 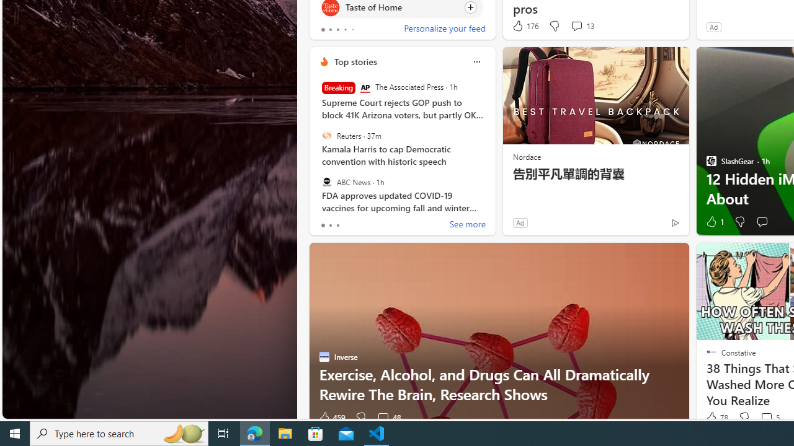 What do you see at coordinates (326, 136) in the screenshot?
I see `'Reuters'` at bounding box center [326, 136].